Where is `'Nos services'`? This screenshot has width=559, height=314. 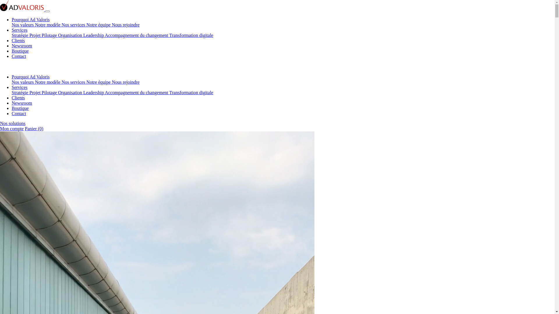
'Nos services' is located at coordinates (74, 24).